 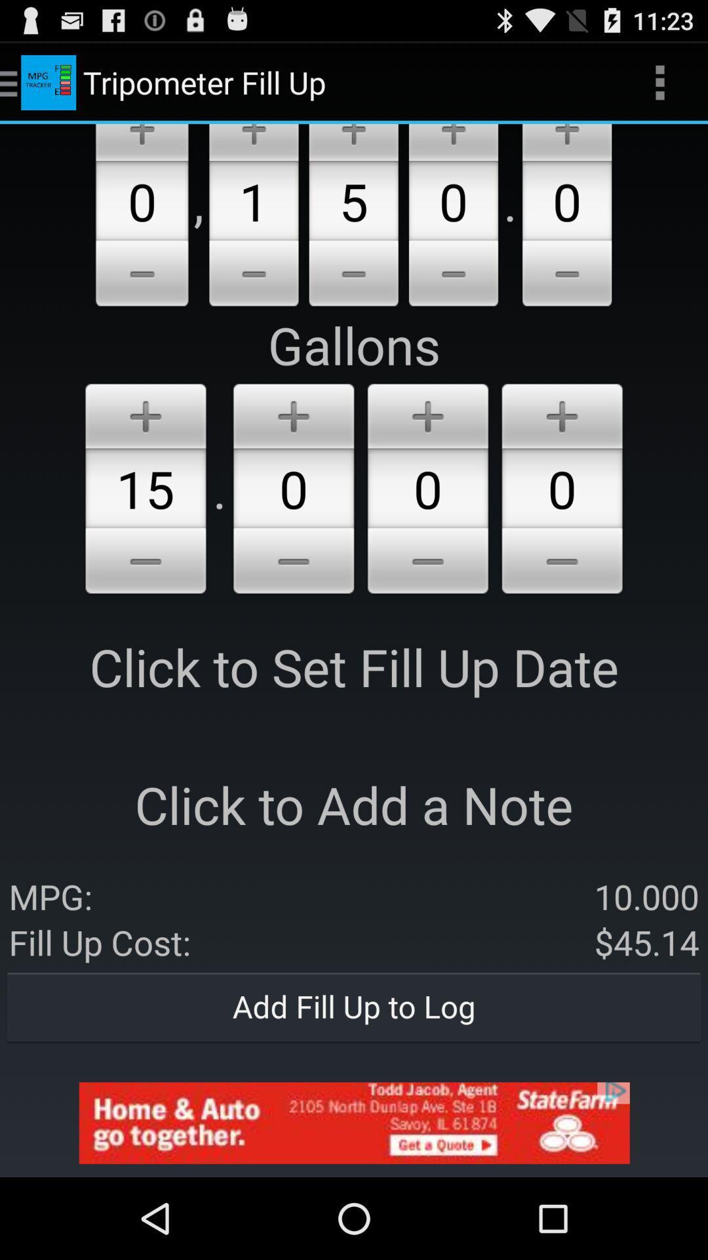 What do you see at coordinates (146, 413) in the screenshot?
I see `the fill up date gallon plus` at bounding box center [146, 413].